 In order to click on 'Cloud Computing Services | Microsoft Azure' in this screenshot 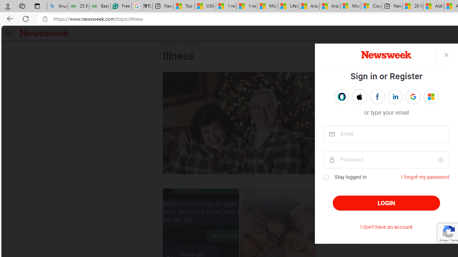, I will do `click(371, 6)`.